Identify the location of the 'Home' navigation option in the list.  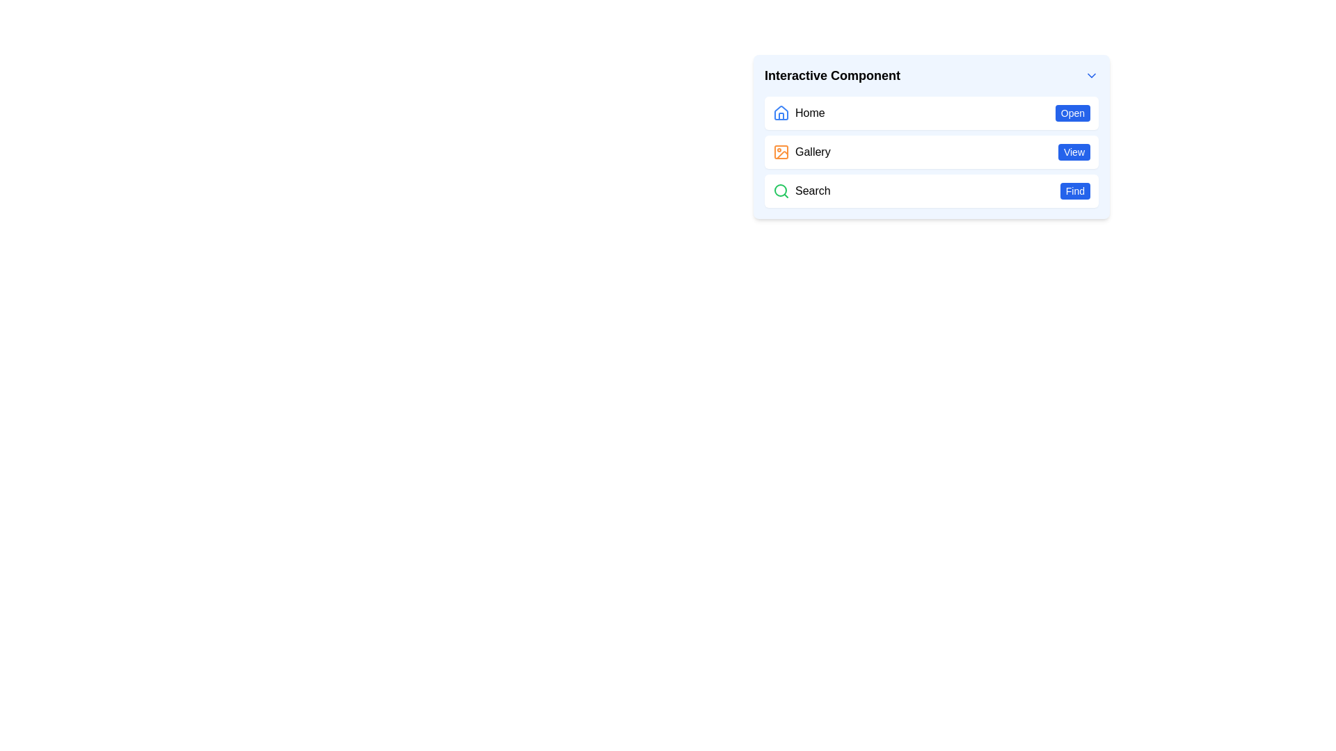
(932, 112).